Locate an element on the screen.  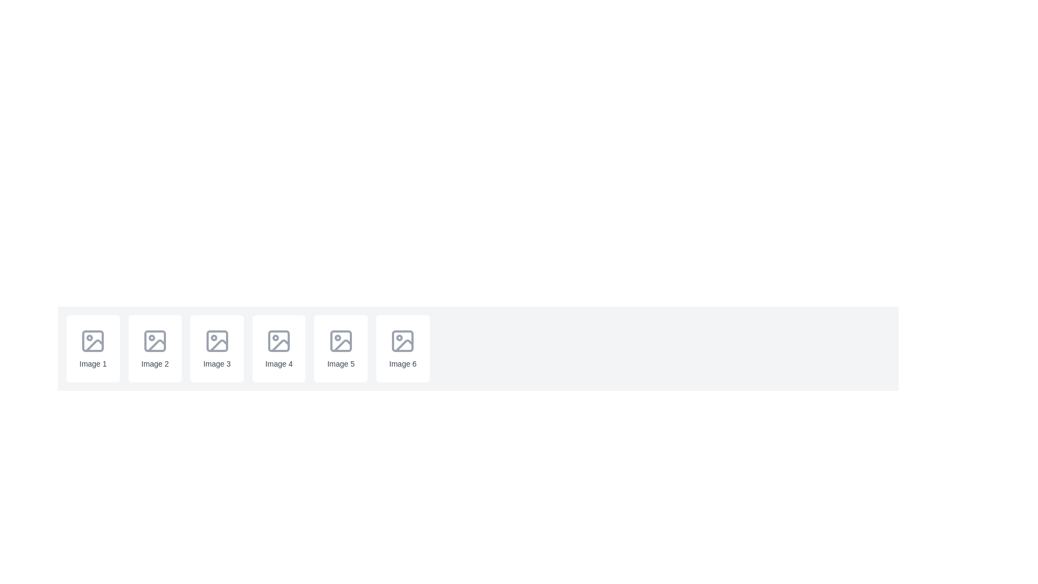
the decorative SVG Rectangle located within the fifth icon of a horizontal carousel is located at coordinates (340, 341).